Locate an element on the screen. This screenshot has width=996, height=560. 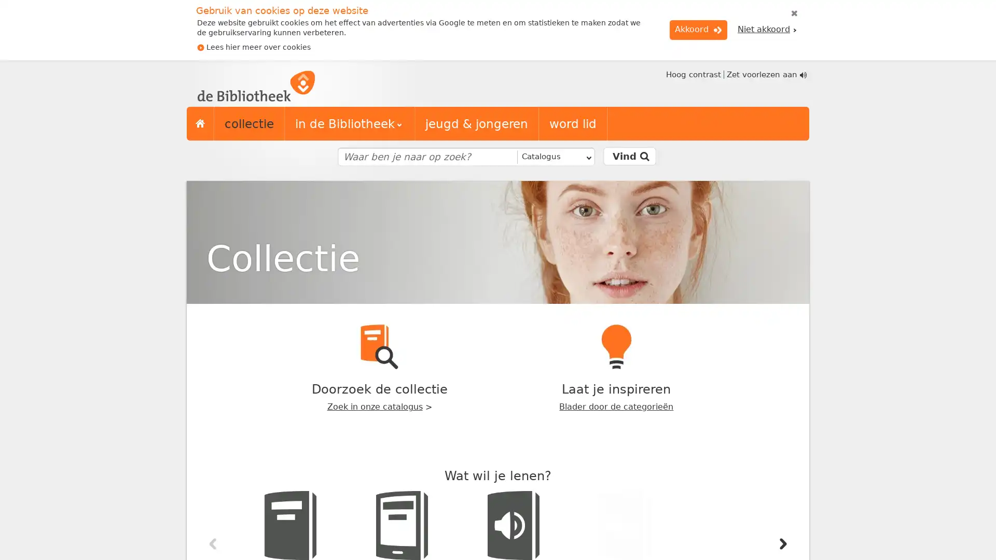
sluiten is located at coordinates (794, 13).